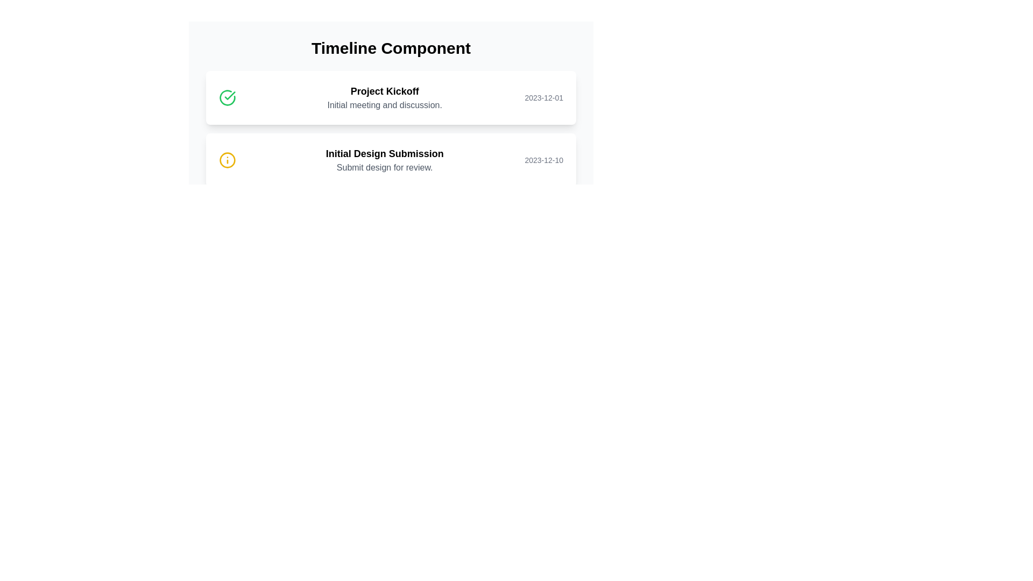 This screenshot has height=581, width=1033. I want to click on the second card titled 'Initial Design Submission' in the timeline, so click(390, 160).